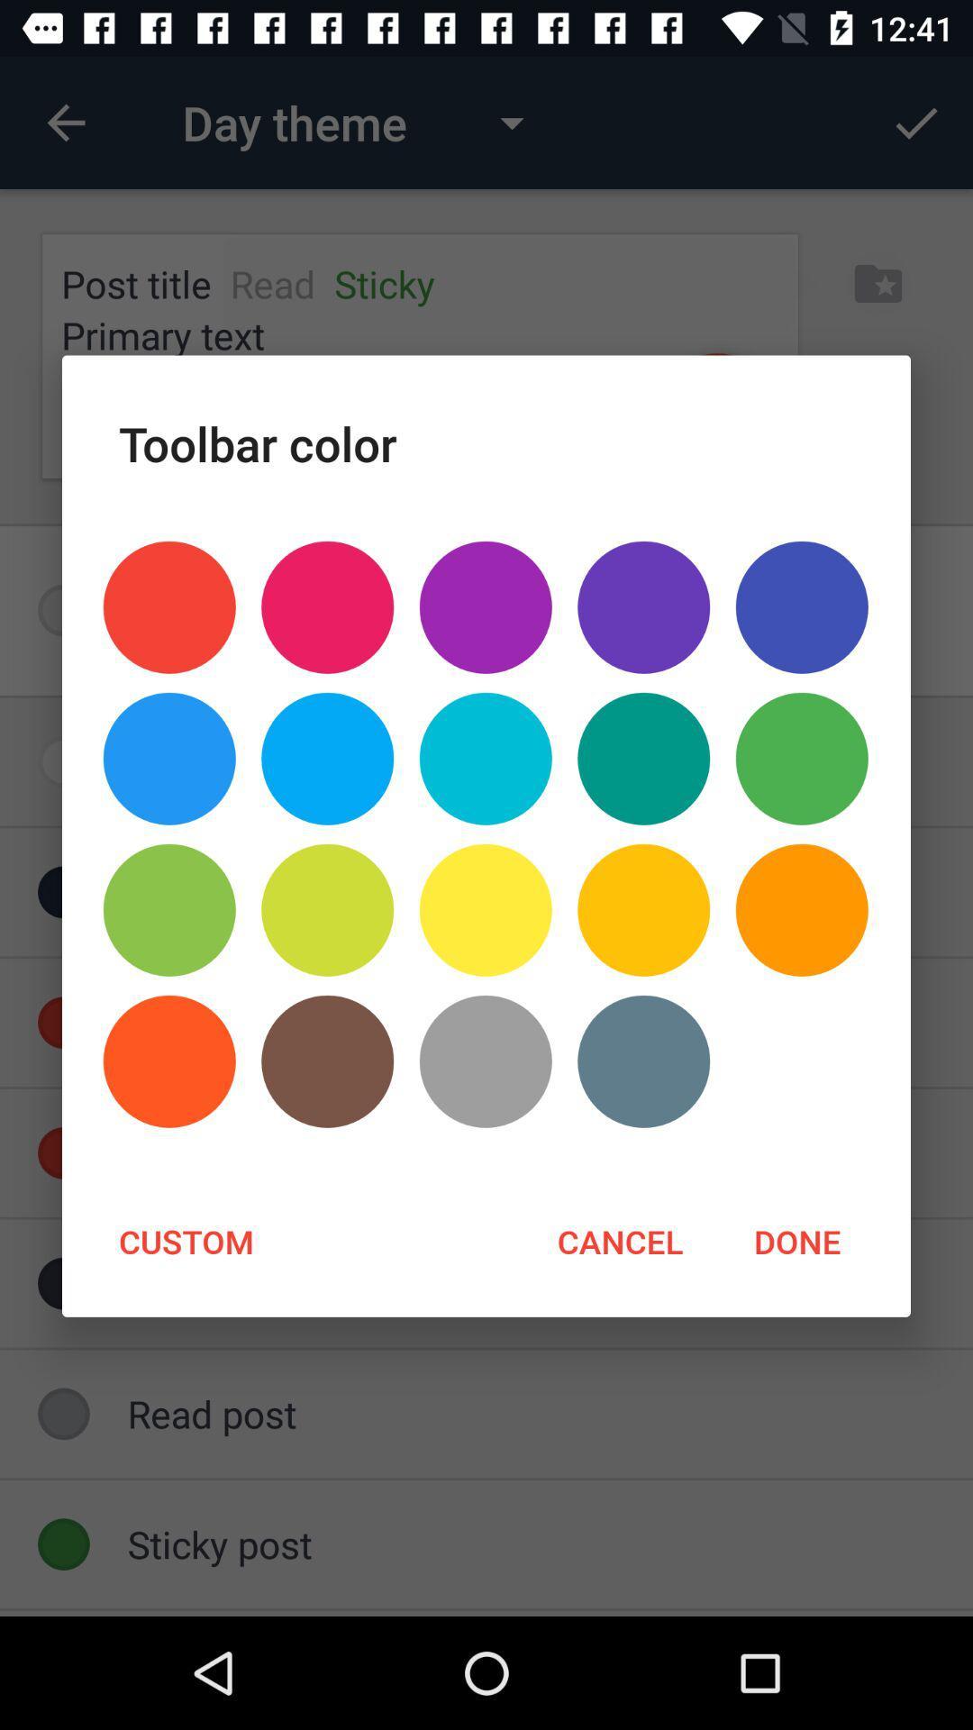 The width and height of the screenshot is (973, 1730). What do you see at coordinates (796, 1240) in the screenshot?
I see `the item to the right of the cancel icon` at bounding box center [796, 1240].